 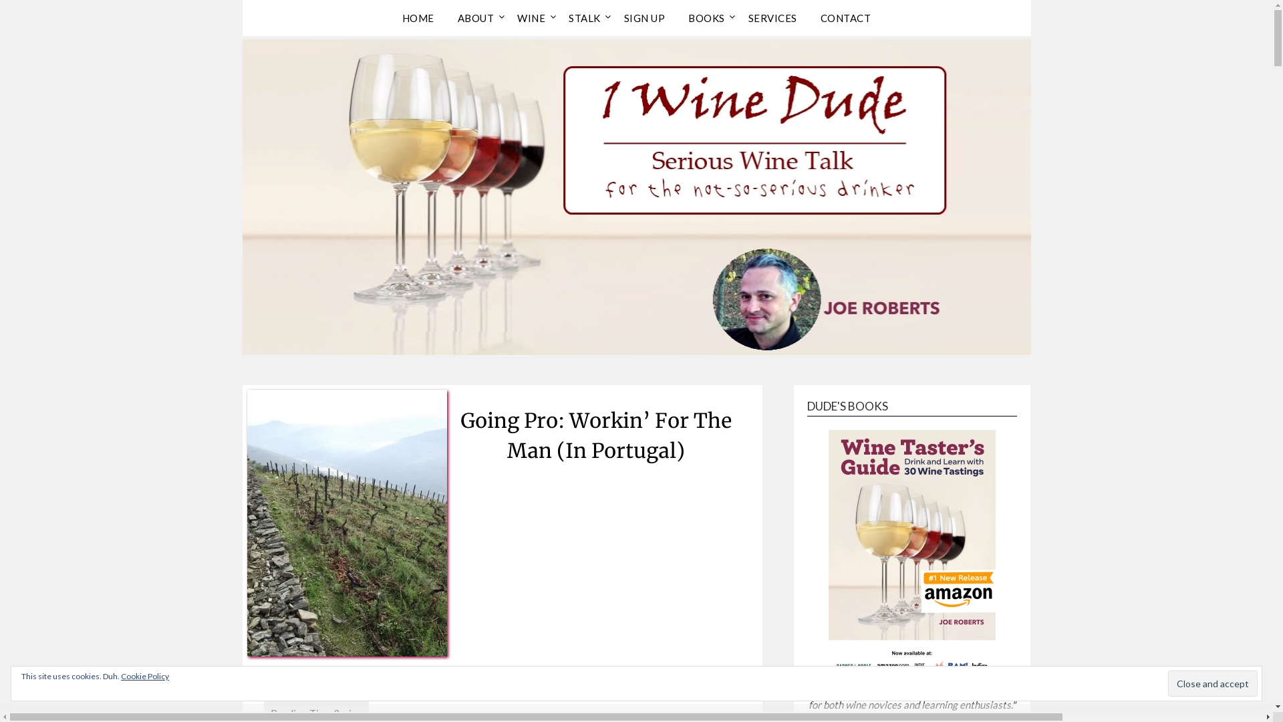 I want to click on 'SERVICES', so click(x=737, y=18).